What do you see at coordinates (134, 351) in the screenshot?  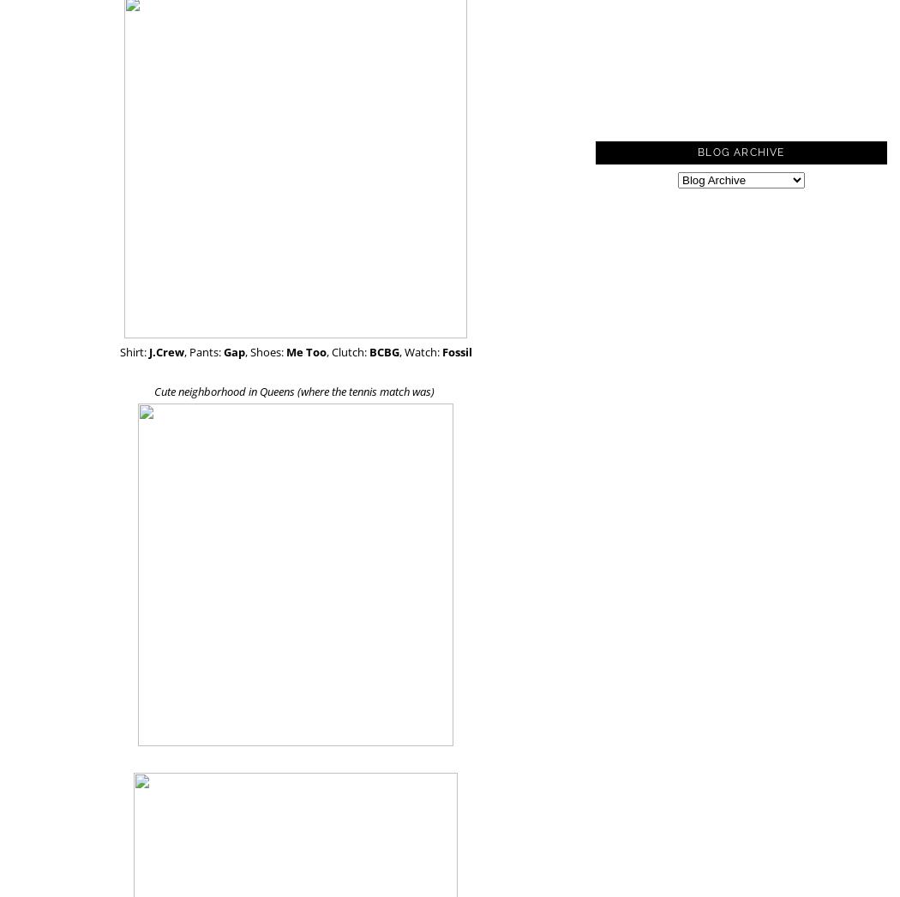 I see `'Shirt:'` at bounding box center [134, 351].